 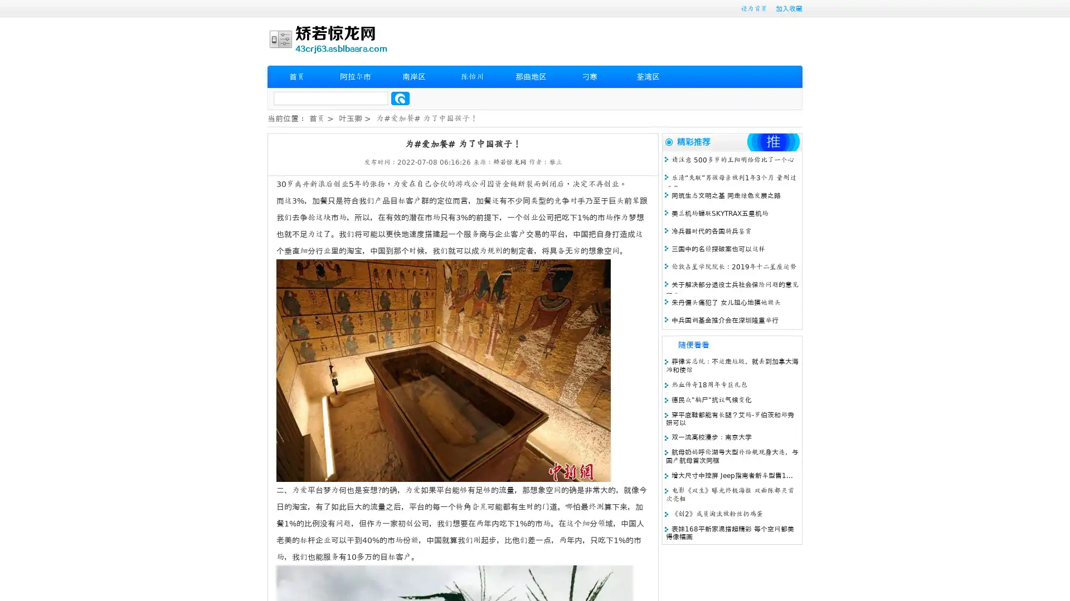 What do you see at coordinates (400, 98) in the screenshot?
I see `Search` at bounding box center [400, 98].